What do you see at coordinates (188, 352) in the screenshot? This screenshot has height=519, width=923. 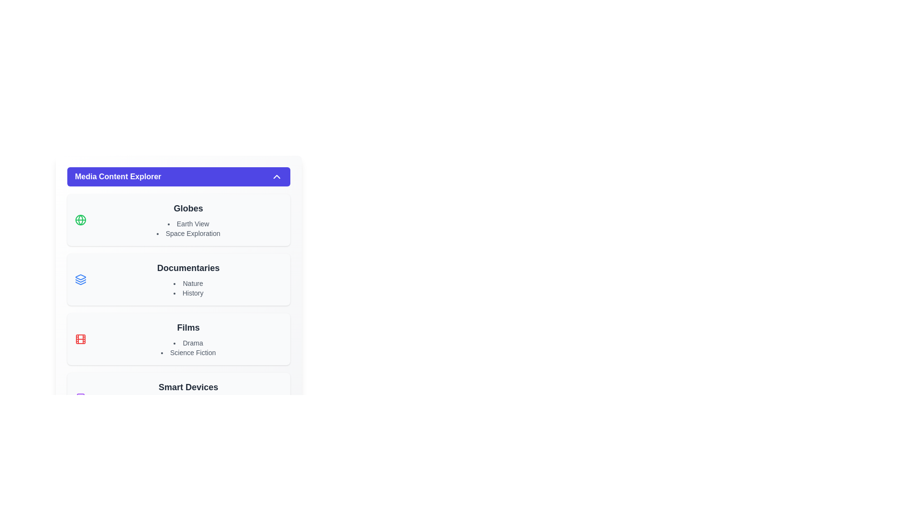 I see `the second text label under the 'Films' category, which serves as a non-interactive label for a genre` at bounding box center [188, 352].